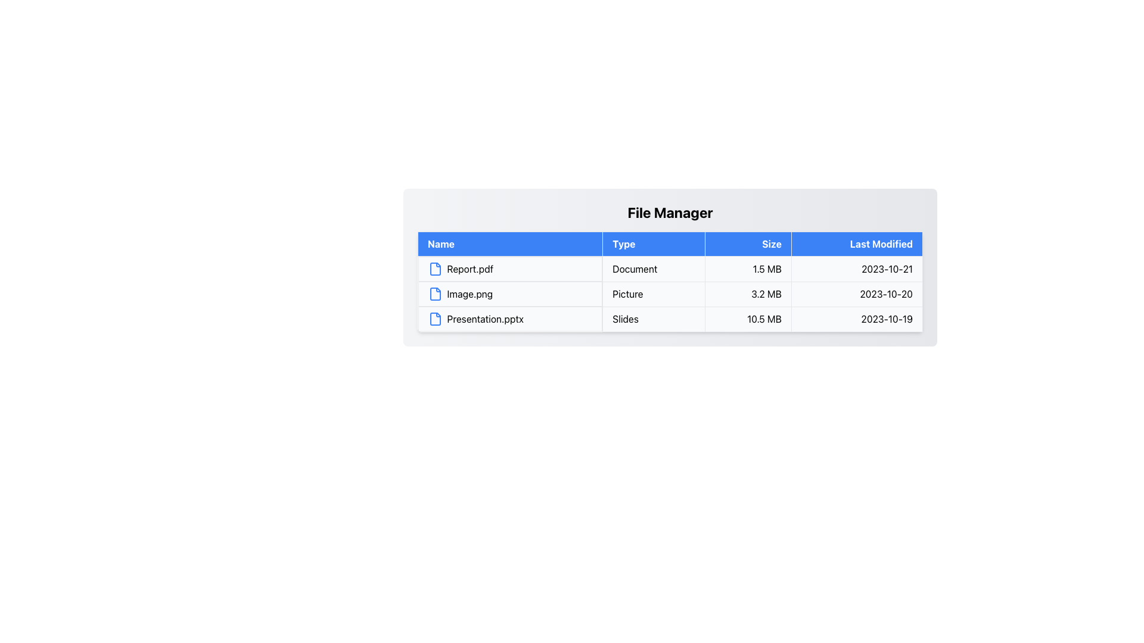 The image size is (1144, 643). What do you see at coordinates (748, 269) in the screenshot?
I see `value of the label displaying the file size '1.5 MB' located in the third column of the first row in the table, positioned between 'Document' and '2023-10-21'` at bounding box center [748, 269].